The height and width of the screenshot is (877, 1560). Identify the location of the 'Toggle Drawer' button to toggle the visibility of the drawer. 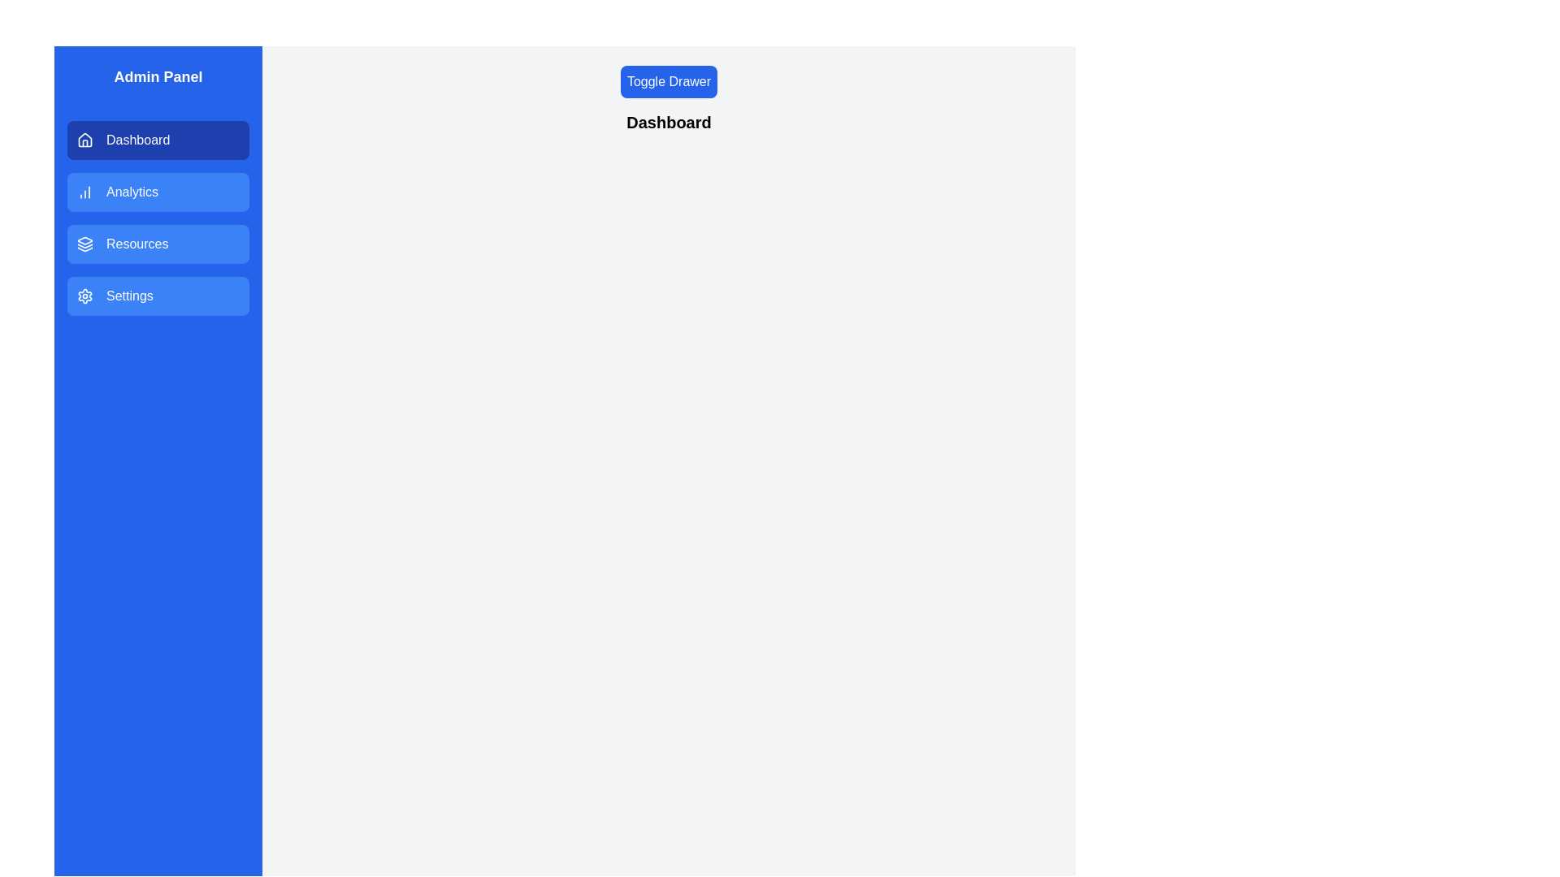
(669, 81).